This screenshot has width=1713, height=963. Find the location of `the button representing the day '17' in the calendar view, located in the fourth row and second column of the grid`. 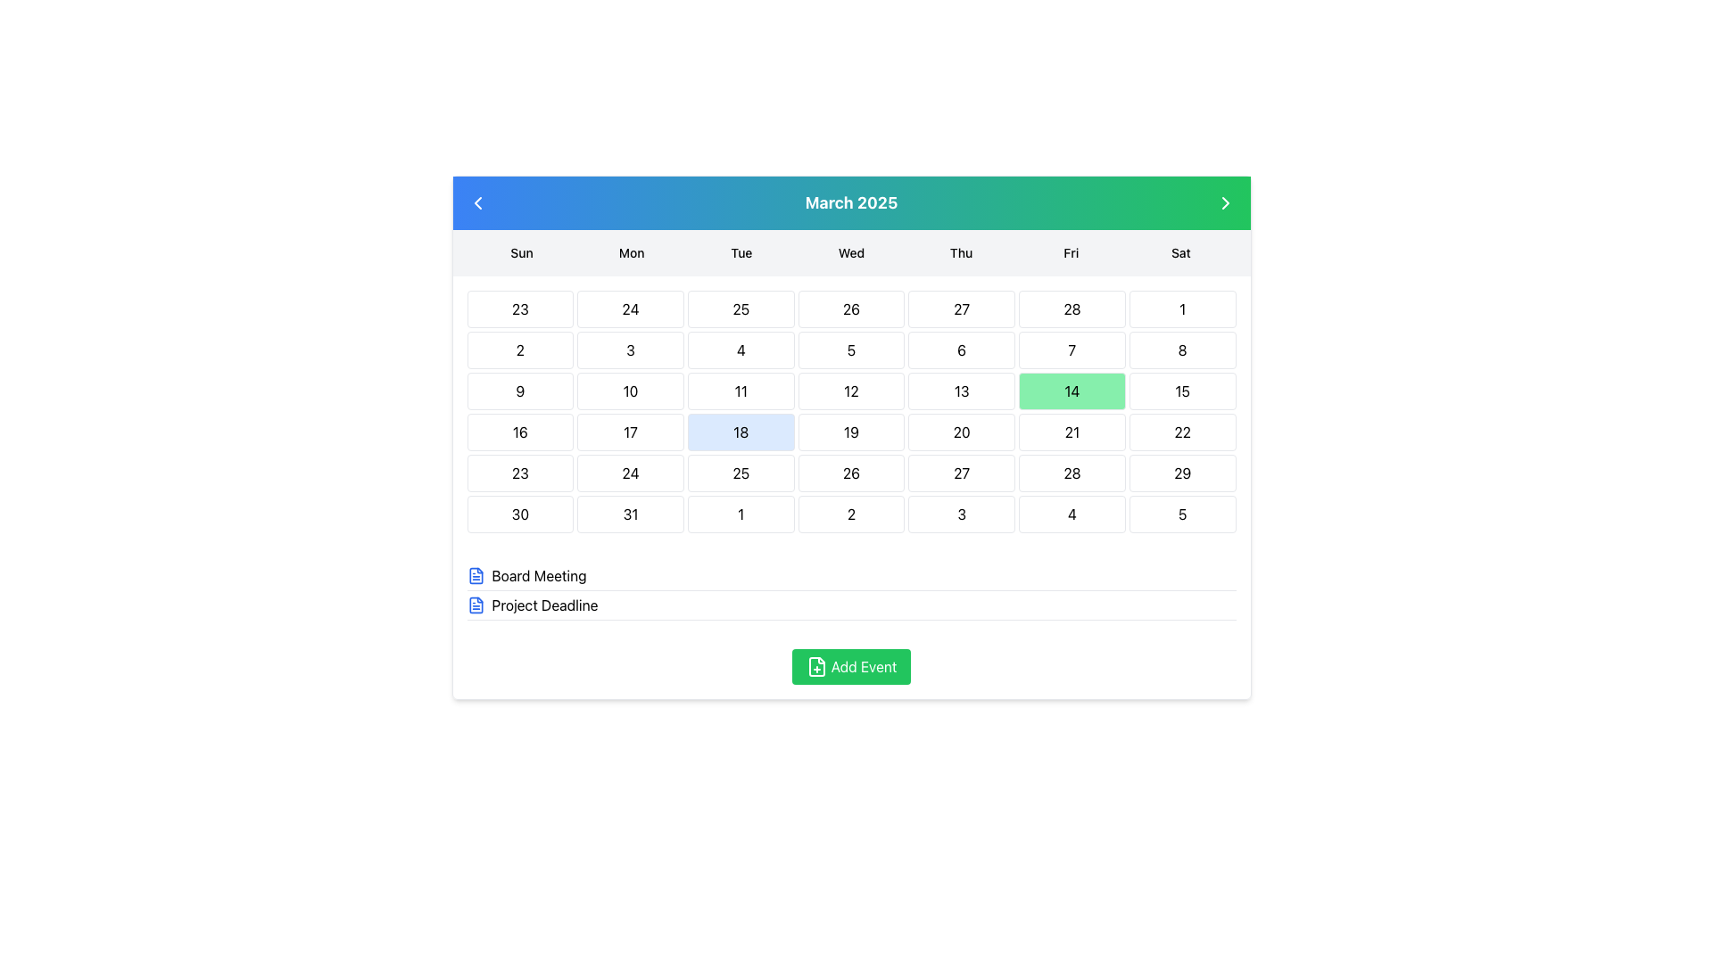

the button representing the day '17' in the calendar view, located in the fourth row and second column of the grid is located at coordinates (631, 432).